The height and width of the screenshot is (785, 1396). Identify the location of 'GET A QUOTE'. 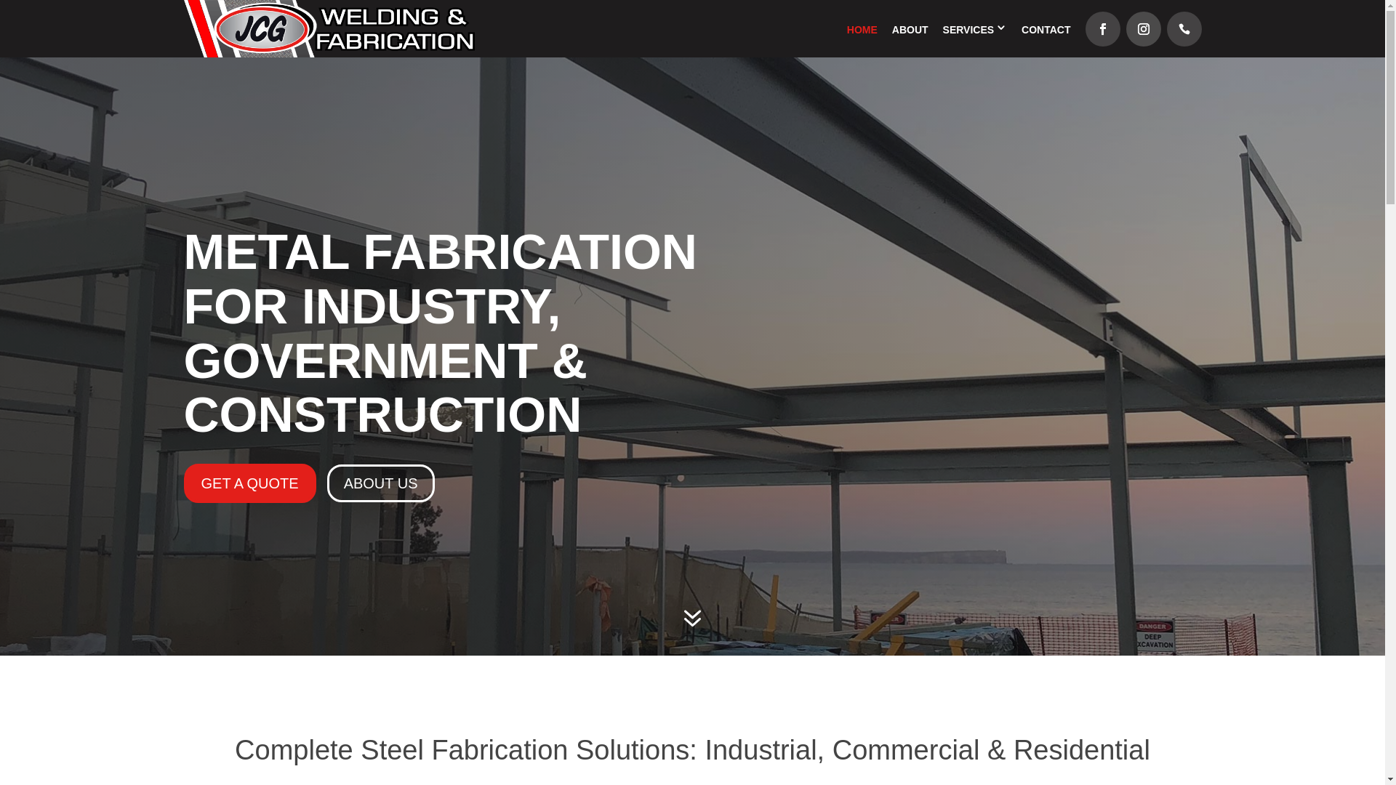
(249, 483).